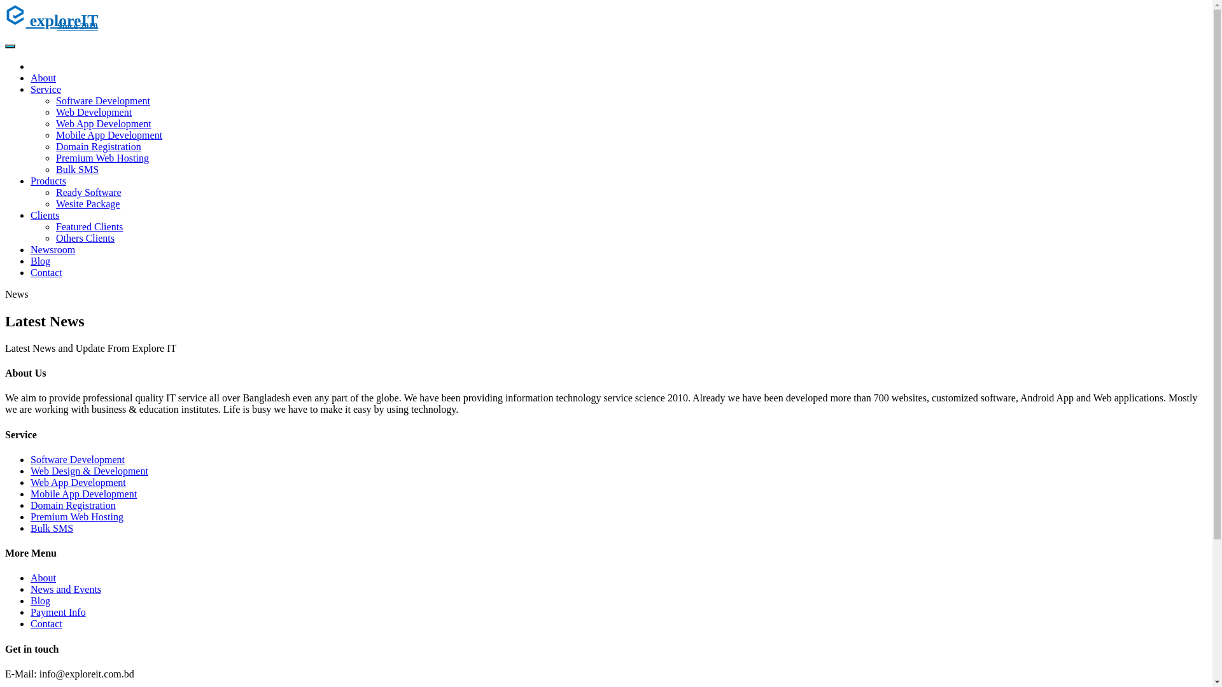 The width and height of the screenshot is (1222, 687). I want to click on 'About', so click(43, 78).